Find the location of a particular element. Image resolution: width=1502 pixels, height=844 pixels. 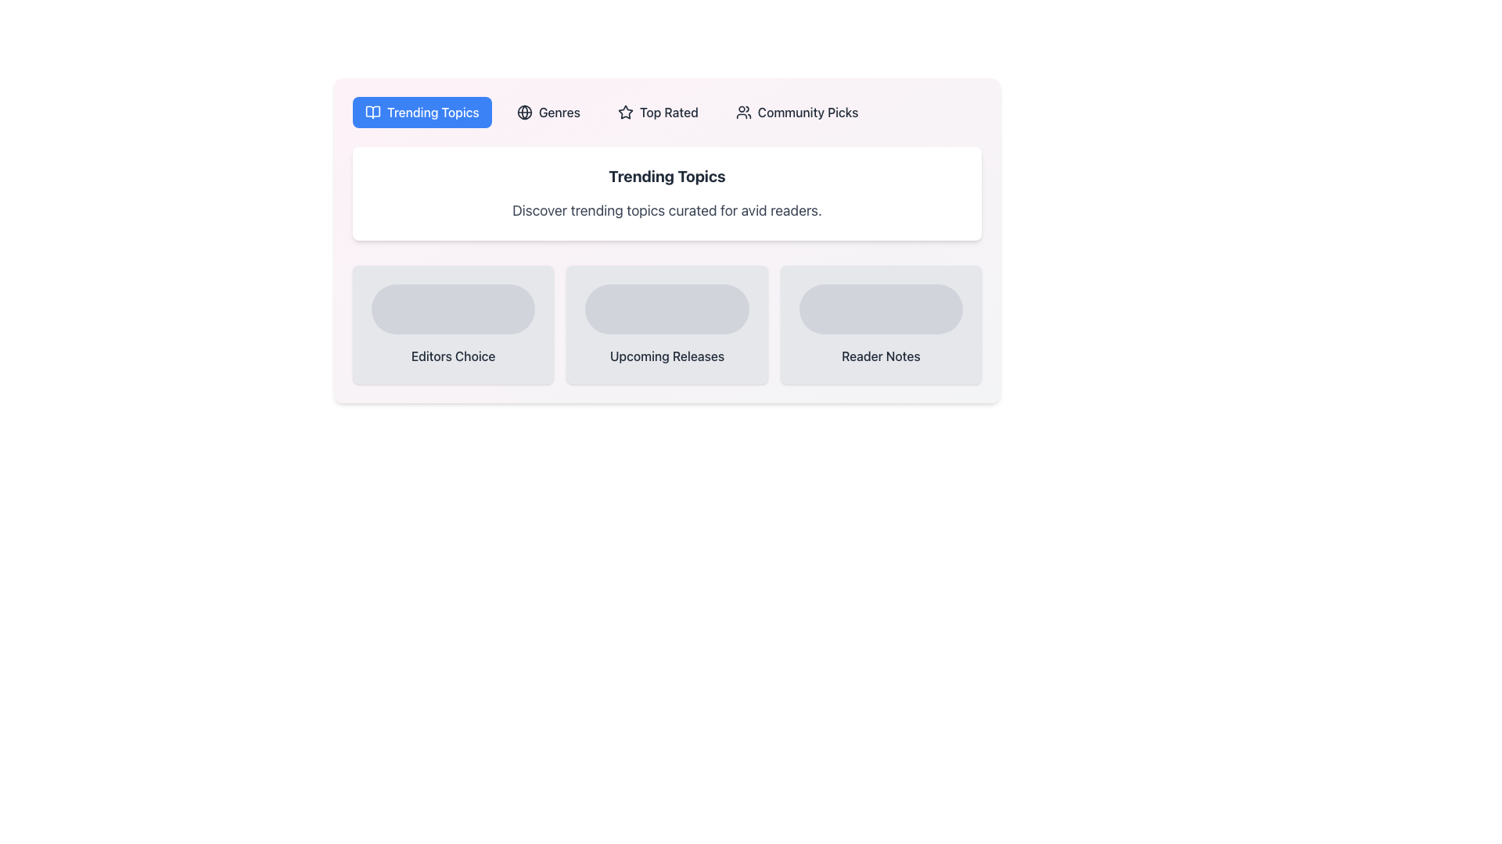

the 'Community Picks' button, which is a rectangular button with a light gray background and an icon of a group of users, positioned to the right of the 'Top Rated' button is located at coordinates (797, 111).